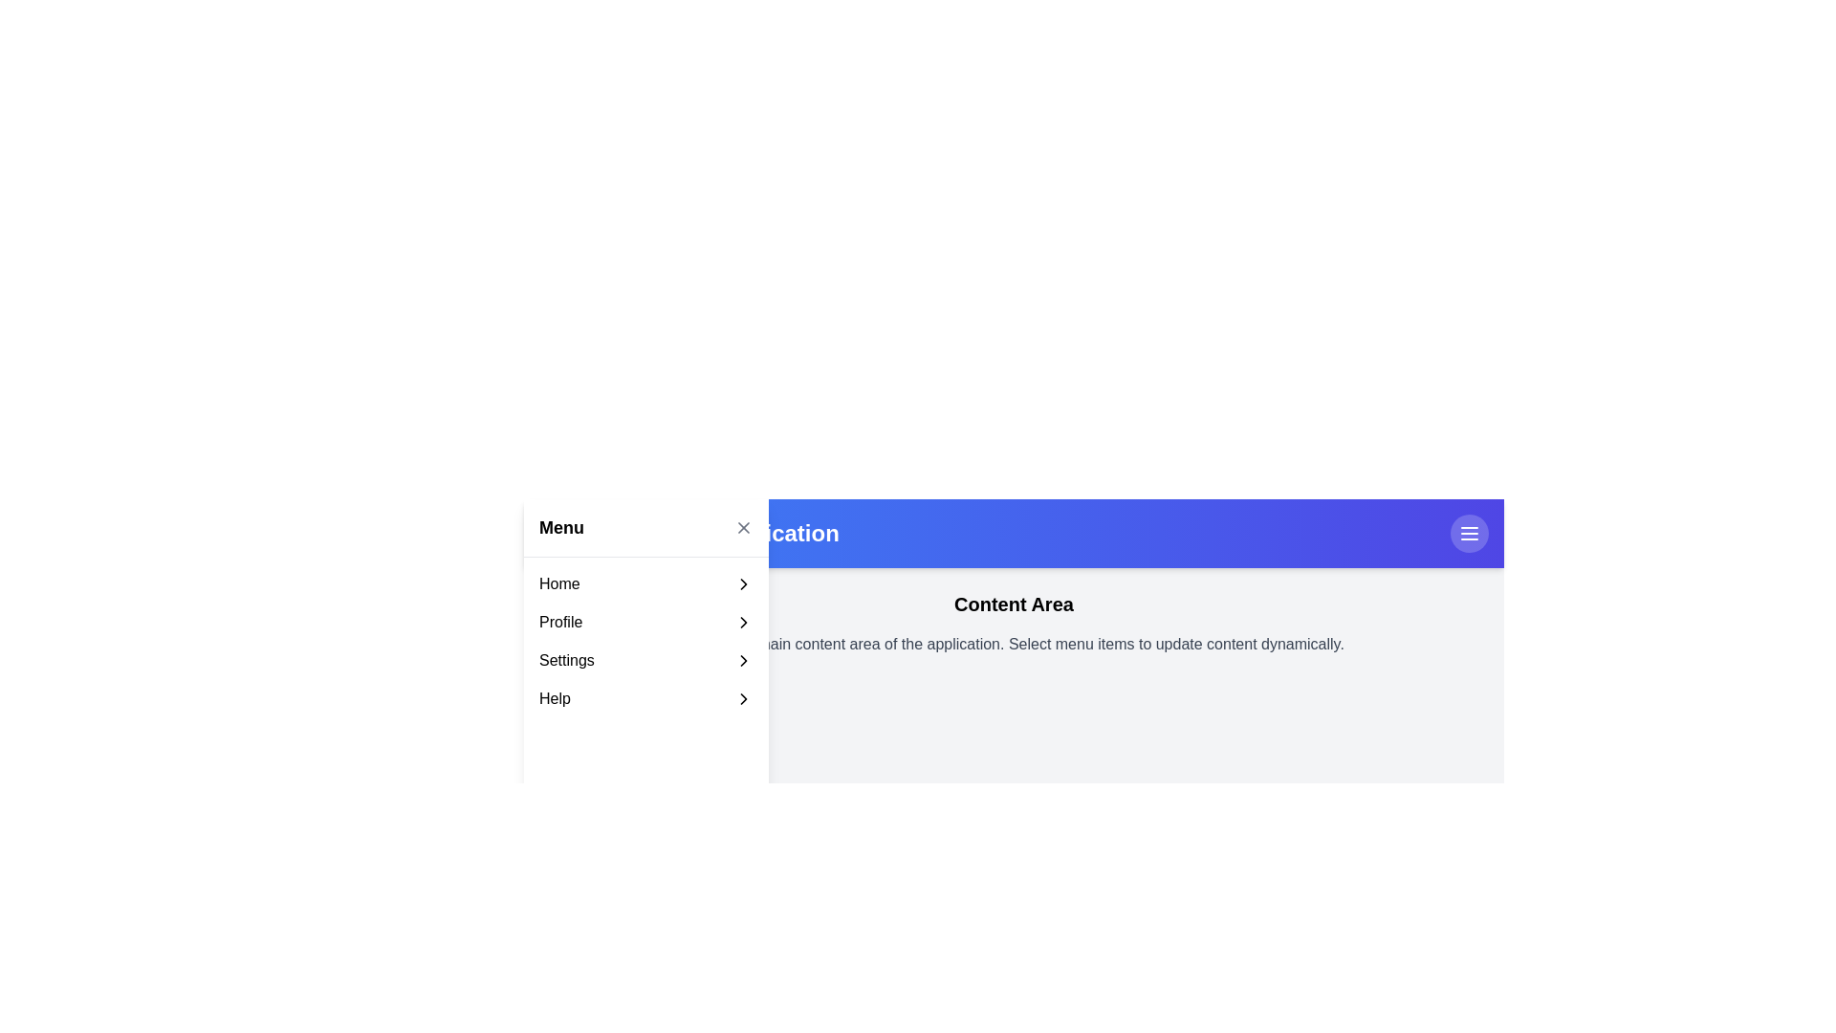 Image resolution: width=1836 pixels, height=1033 pixels. I want to click on the chevron icon indicating navigation for the 'Profile' row in the vertical menu, so click(742, 623).